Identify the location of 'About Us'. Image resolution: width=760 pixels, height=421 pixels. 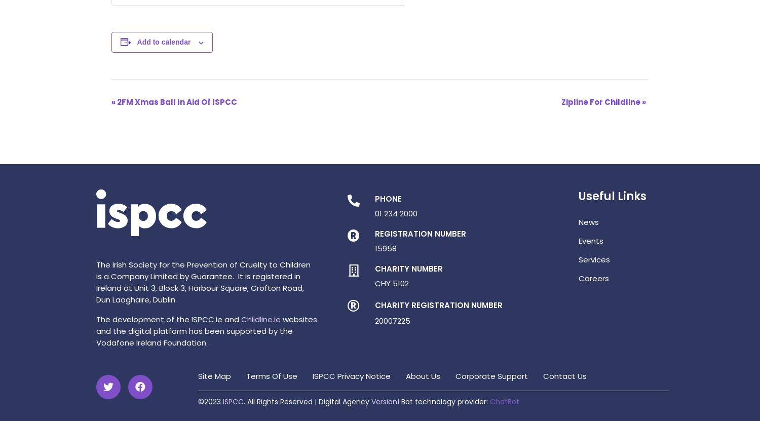
(423, 376).